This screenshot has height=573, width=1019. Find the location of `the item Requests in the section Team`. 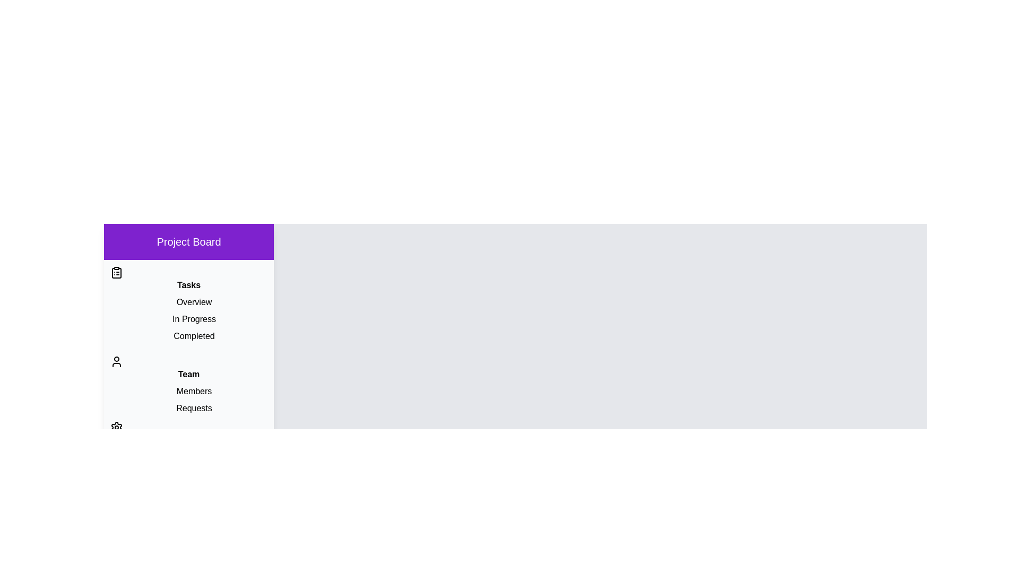

the item Requests in the section Team is located at coordinates (188, 408).